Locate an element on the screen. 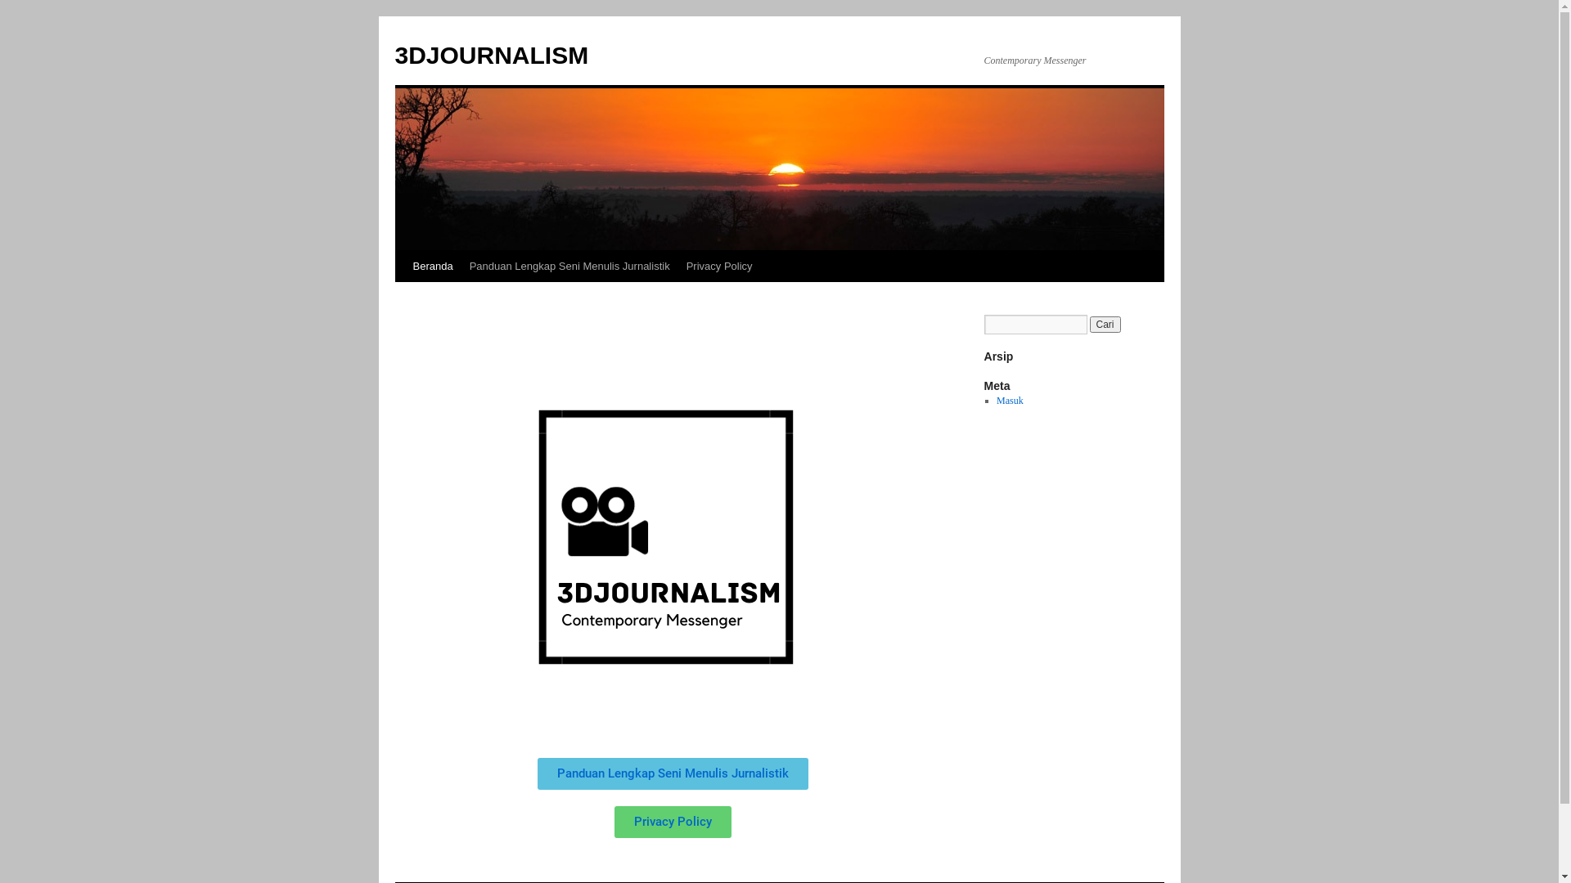 Image resolution: width=1571 pixels, height=883 pixels. 'Cari' is located at coordinates (1089, 325).